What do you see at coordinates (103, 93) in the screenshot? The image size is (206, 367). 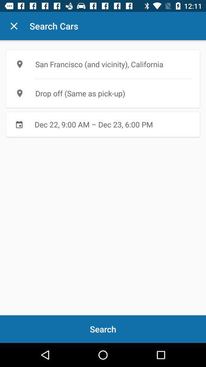 I see `the drop off same icon` at bounding box center [103, 93].